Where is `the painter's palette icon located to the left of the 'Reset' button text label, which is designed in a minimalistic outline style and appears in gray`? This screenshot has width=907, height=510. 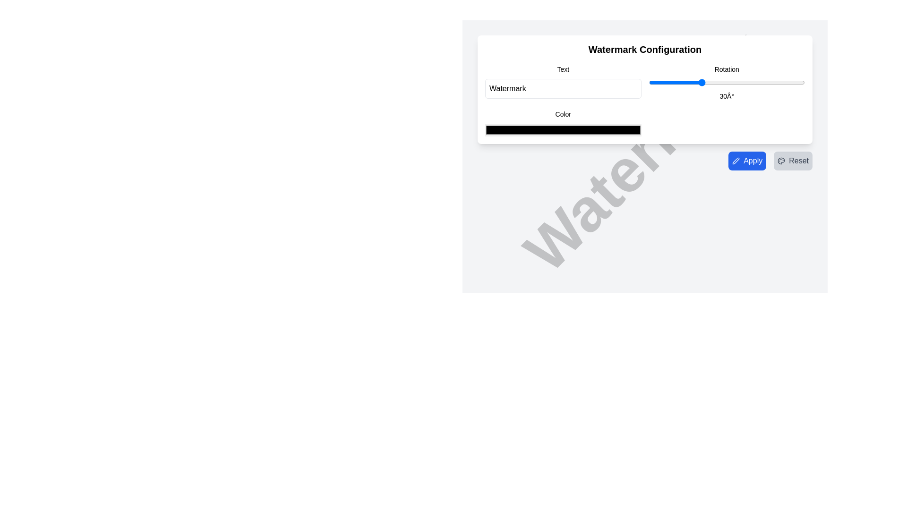
the painter's palette icon located to the left of the 'Reset' button text label, which is designed in a minimalistic outline style and appears in gray is located at coordinates (781, 160).